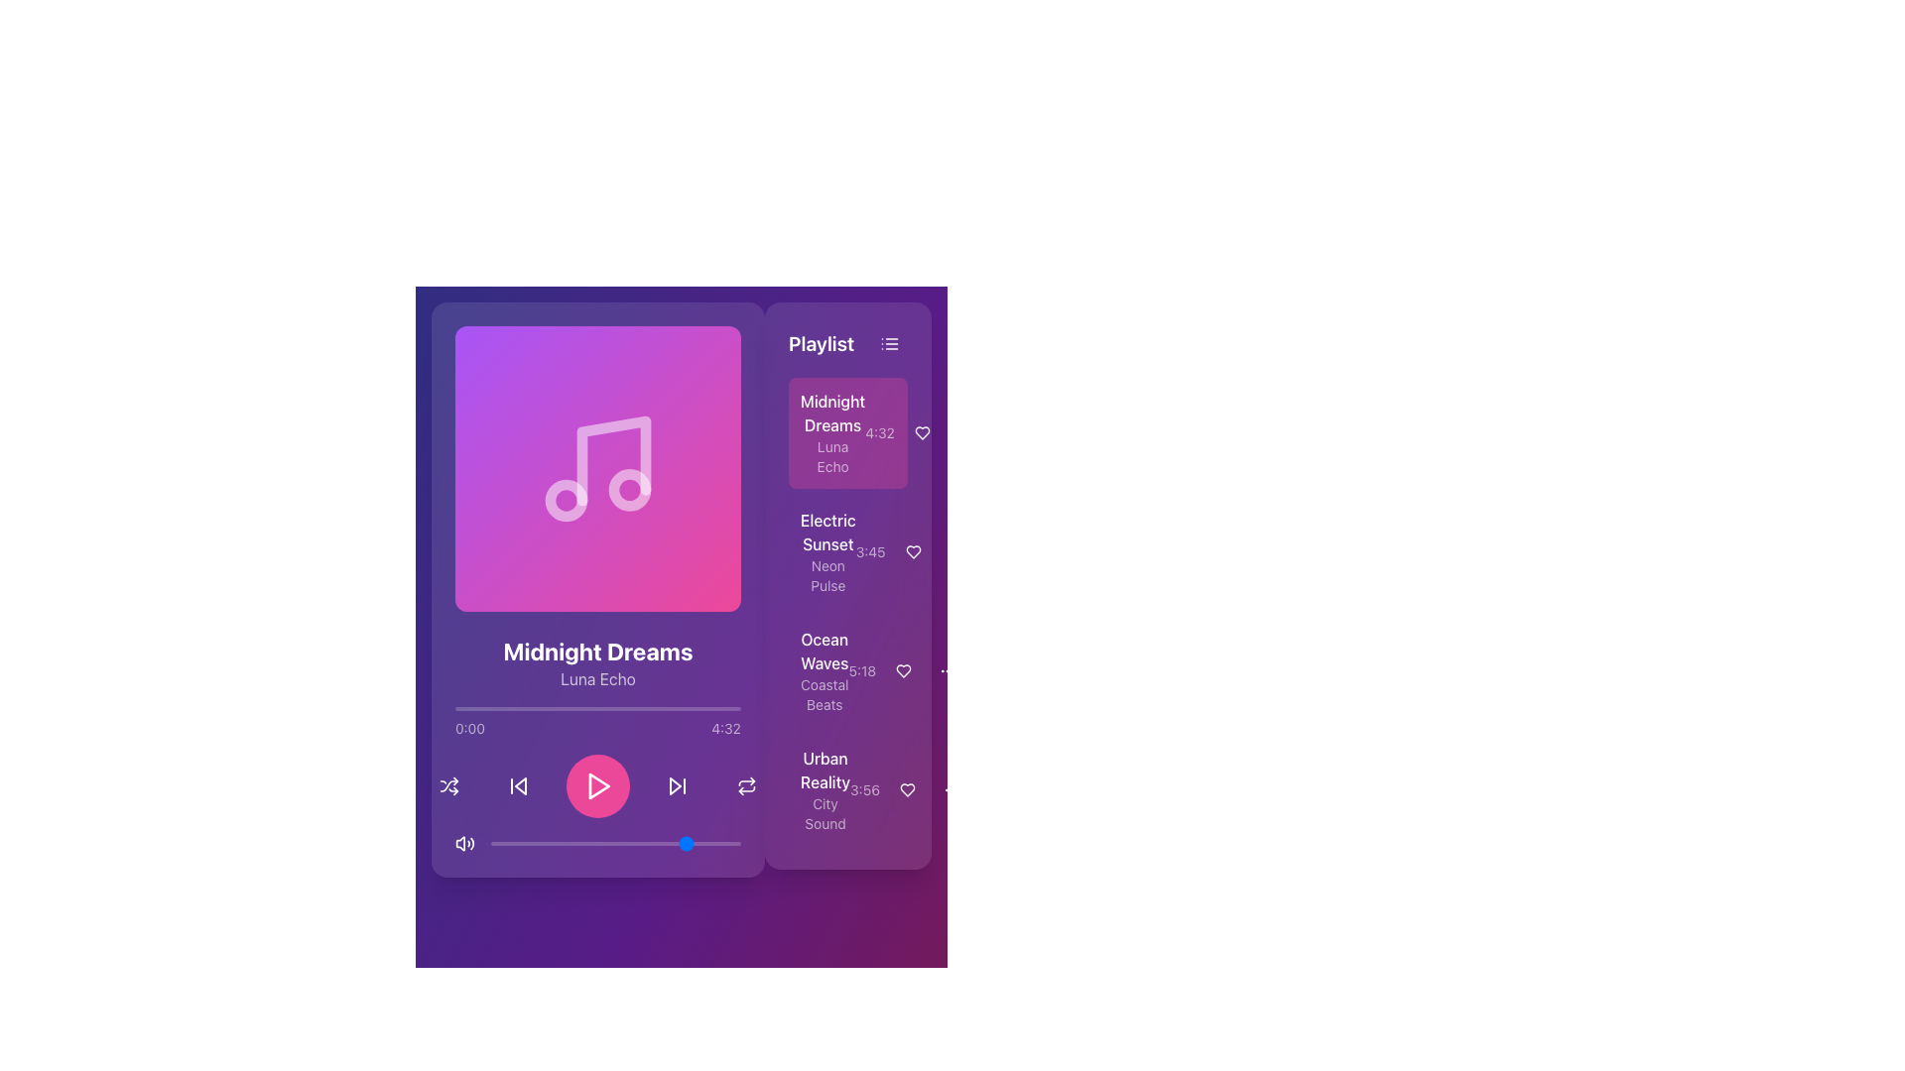 The height and width of the screenshot is (1071, 1905). What do you see at coordinates (519, 785) in the screenshot?
I see `the backward skip button icon, which is styled in white against a violet background and is located between the shuffle icon and the play button at the bottom center of the interface` at bounding box center [519, 785].